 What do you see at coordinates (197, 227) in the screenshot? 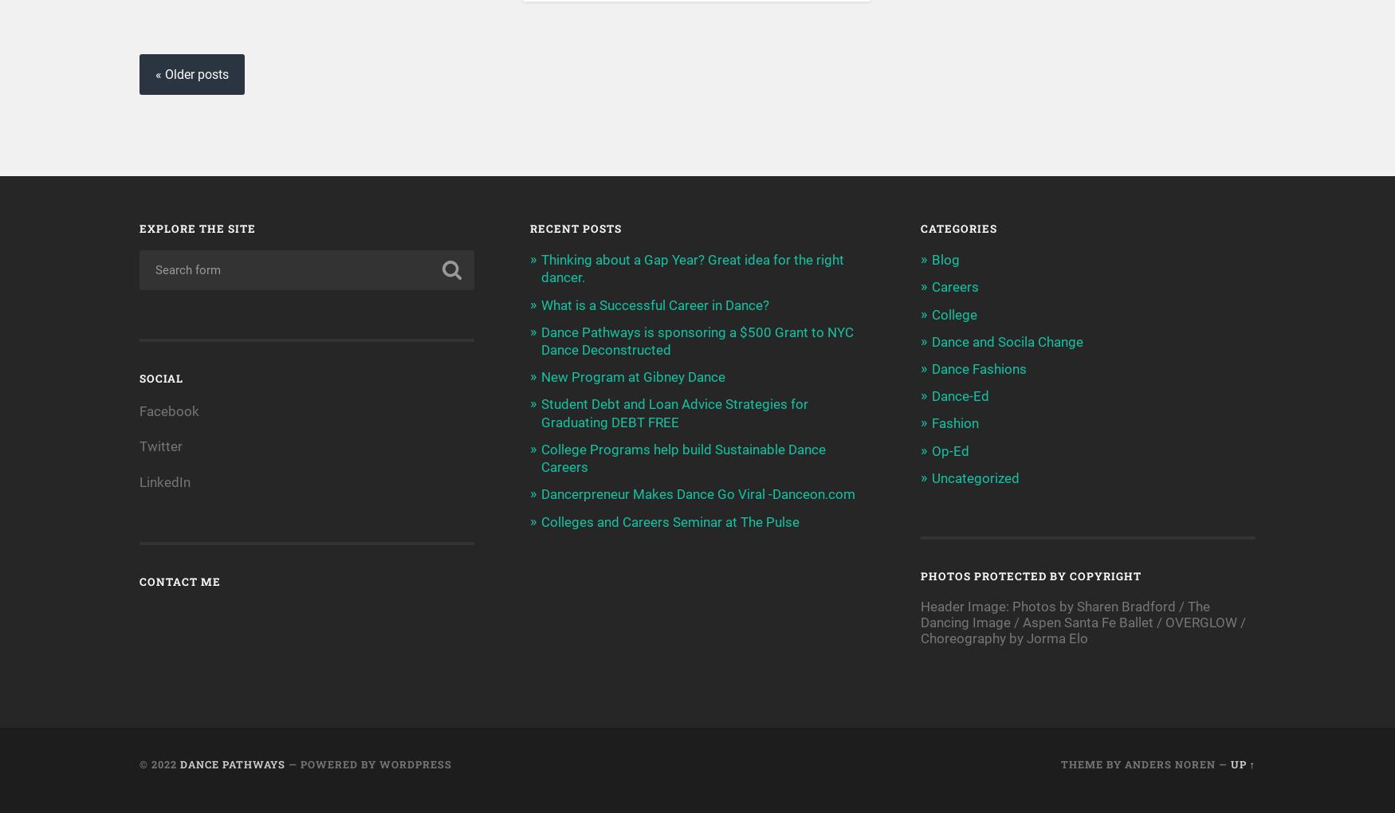
I see `'Explore the Site'` at bounding box center [197, 227].